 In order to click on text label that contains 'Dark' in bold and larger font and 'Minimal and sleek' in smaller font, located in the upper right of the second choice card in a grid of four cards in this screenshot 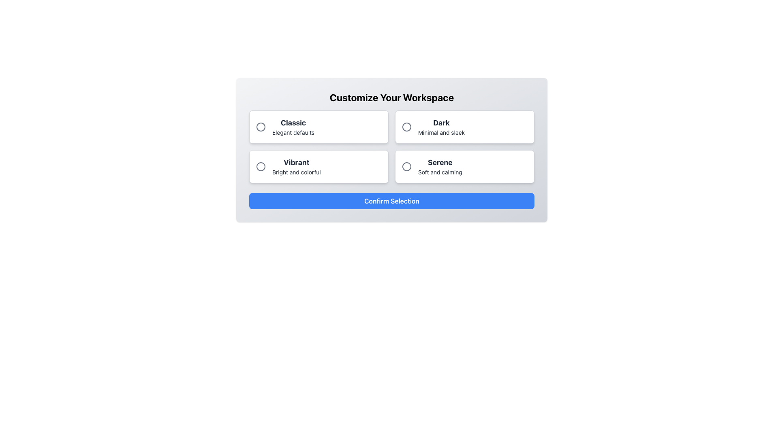, I will do `click(441, 127)`.